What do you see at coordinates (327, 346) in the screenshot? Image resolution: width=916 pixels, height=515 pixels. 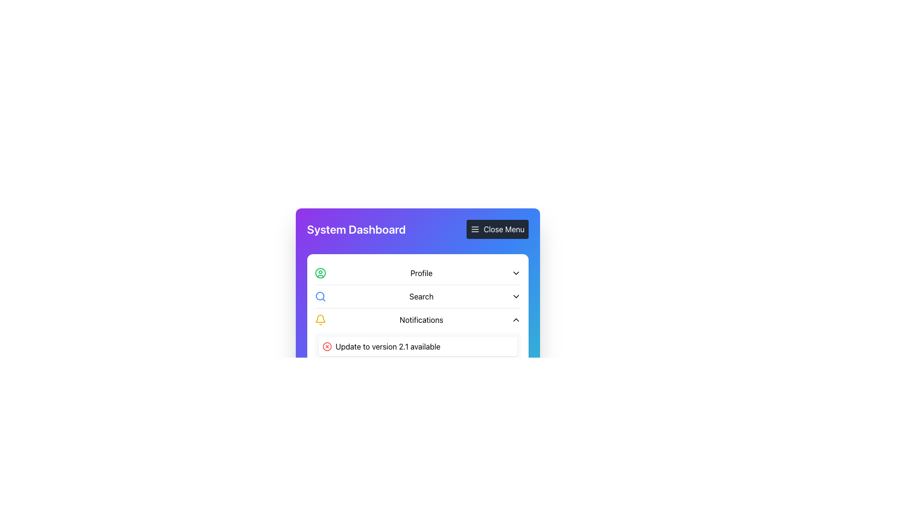 I see `the graphical content of the red circular component with a 10-unit radius, which is part of the cancel icon, located to the left of the 'Update to version 2.1 available' notification message` at bounding box center [327, 346].